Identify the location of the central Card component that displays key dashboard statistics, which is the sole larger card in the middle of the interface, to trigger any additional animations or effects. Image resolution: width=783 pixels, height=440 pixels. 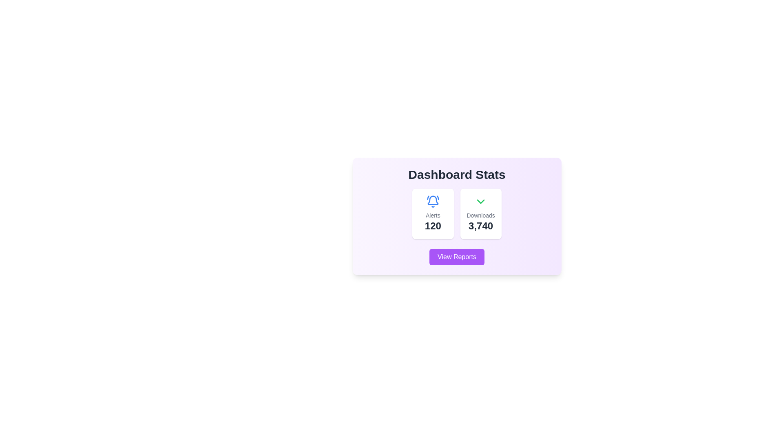
(457, 216).